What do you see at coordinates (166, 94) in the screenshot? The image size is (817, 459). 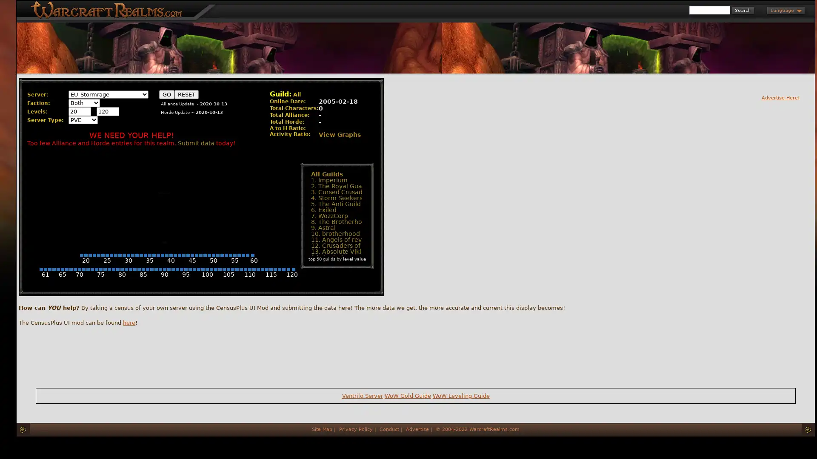 I see `GO` at bounding box center [166, 94].